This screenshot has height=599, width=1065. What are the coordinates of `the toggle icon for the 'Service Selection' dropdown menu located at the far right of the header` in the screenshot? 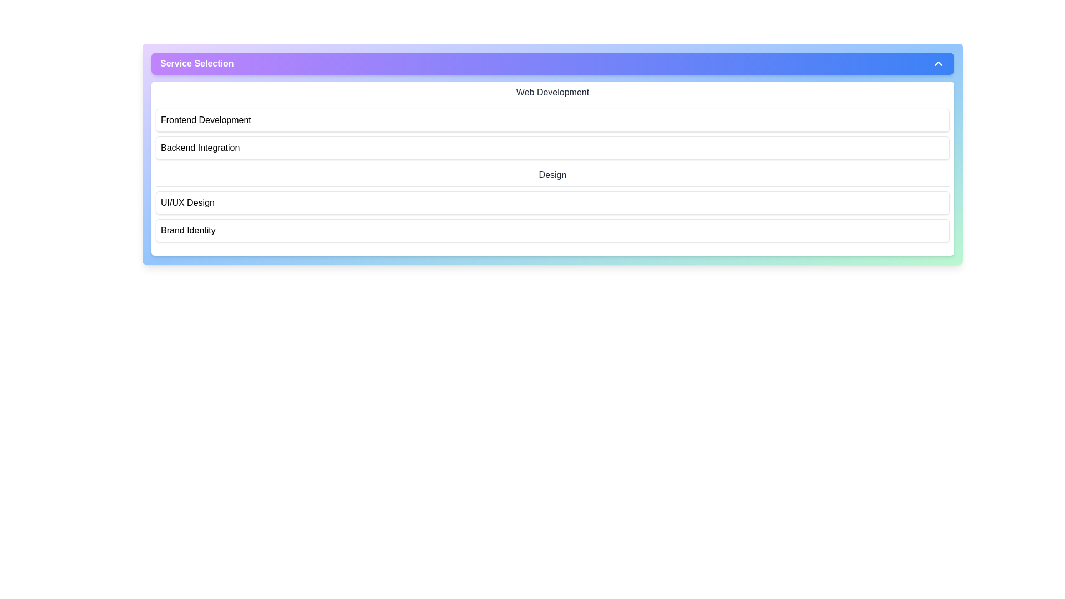 It's located at (937, 64).